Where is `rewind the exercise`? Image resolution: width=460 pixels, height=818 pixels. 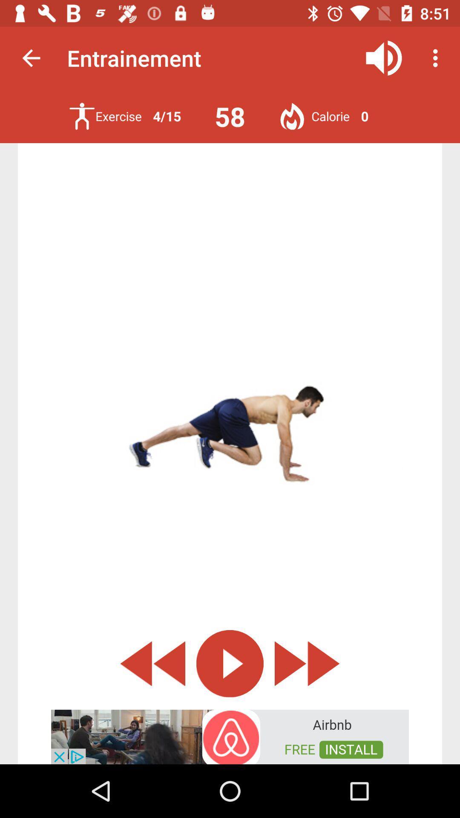
rewind the exercise is located at coordinates (152, 663).